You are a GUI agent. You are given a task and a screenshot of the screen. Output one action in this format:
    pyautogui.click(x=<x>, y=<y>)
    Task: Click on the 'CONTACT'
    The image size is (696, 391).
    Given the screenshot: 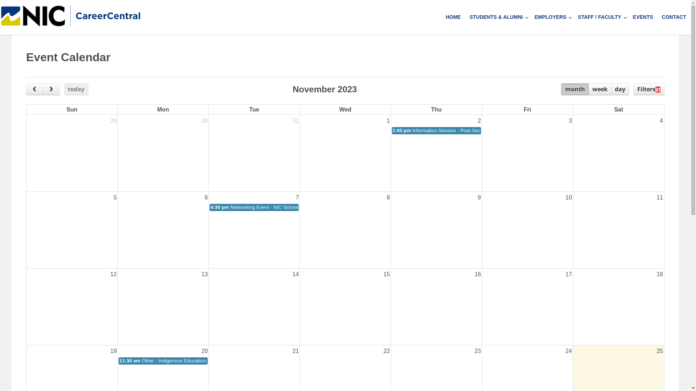 What is the action you would take?
    pyautogui.click(x=674, y=17)
    